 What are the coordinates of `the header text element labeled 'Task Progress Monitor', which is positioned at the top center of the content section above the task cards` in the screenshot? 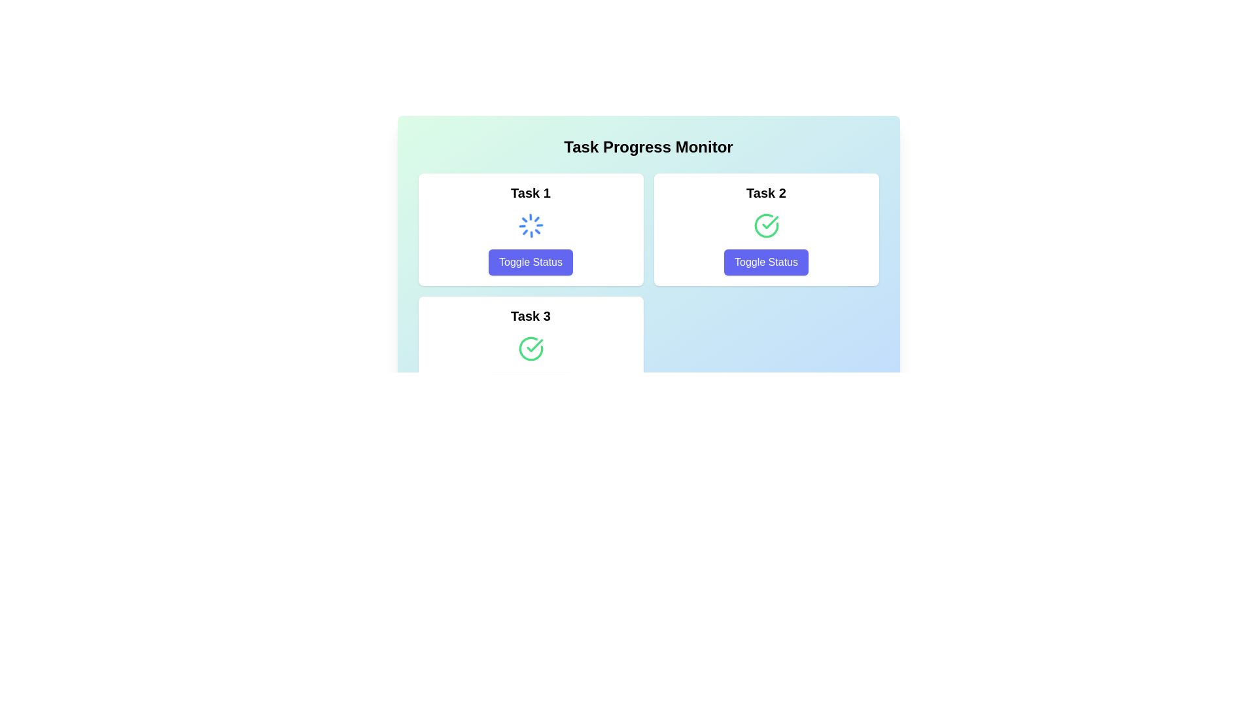 It's located at (648, 147).